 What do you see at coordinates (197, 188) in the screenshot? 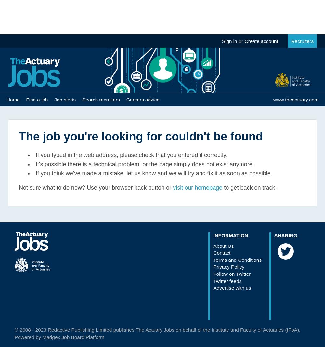
I see `'visit our homepage'` at bounding box center [197, 188].